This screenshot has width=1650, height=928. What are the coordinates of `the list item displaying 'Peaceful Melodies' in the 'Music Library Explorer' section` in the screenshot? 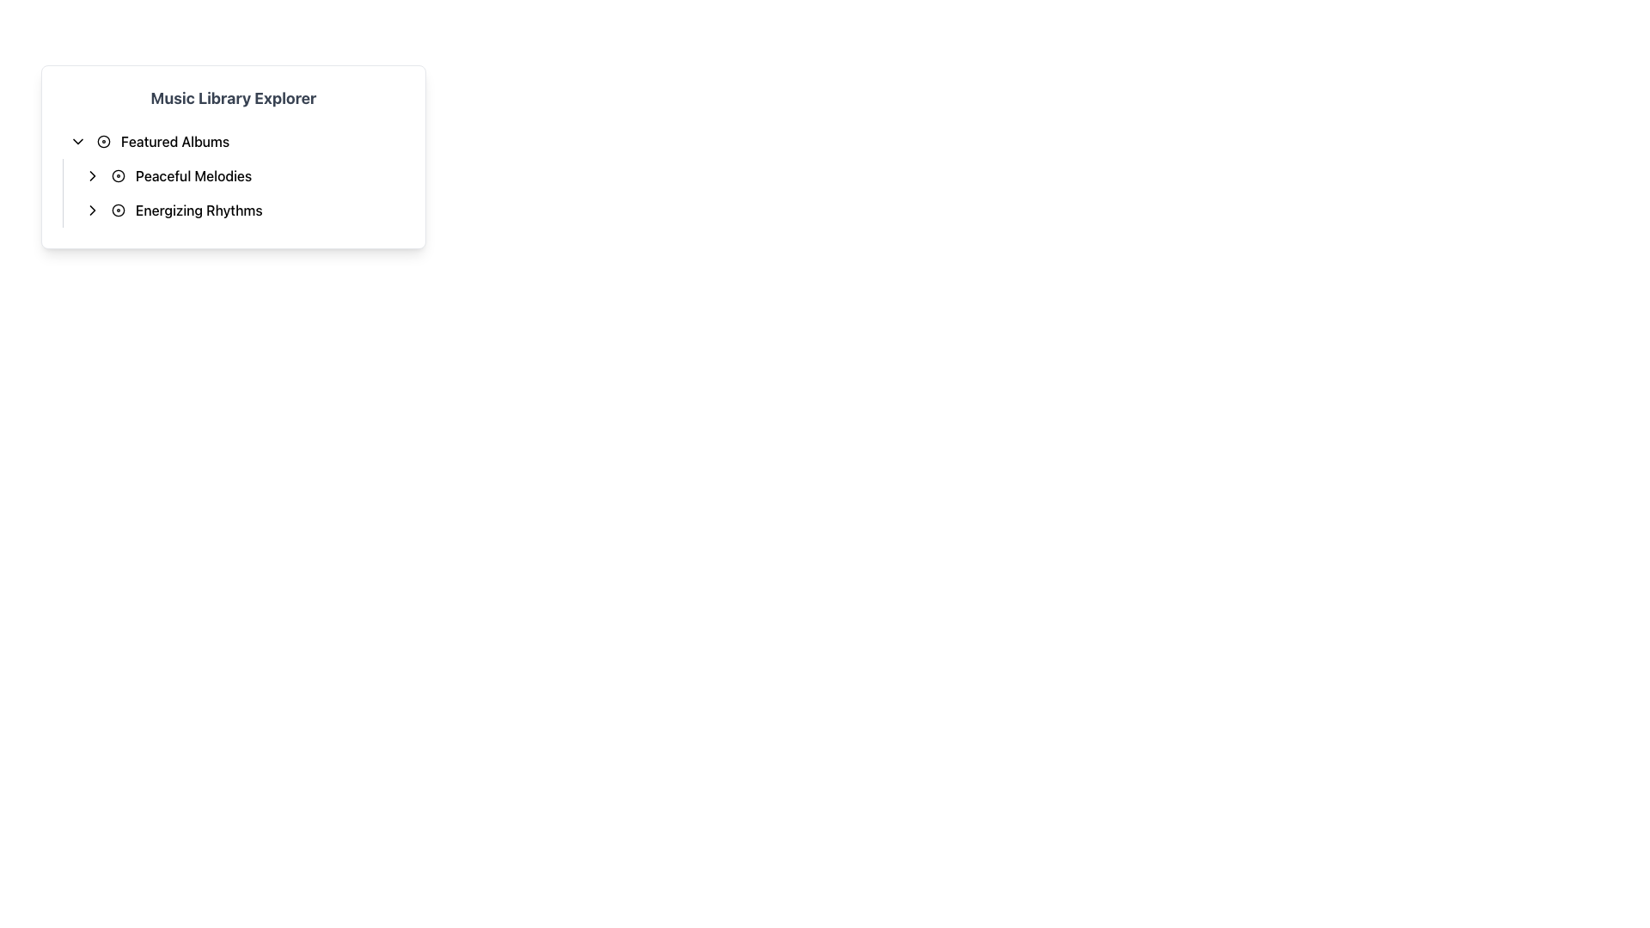 It's located at (240, 175).